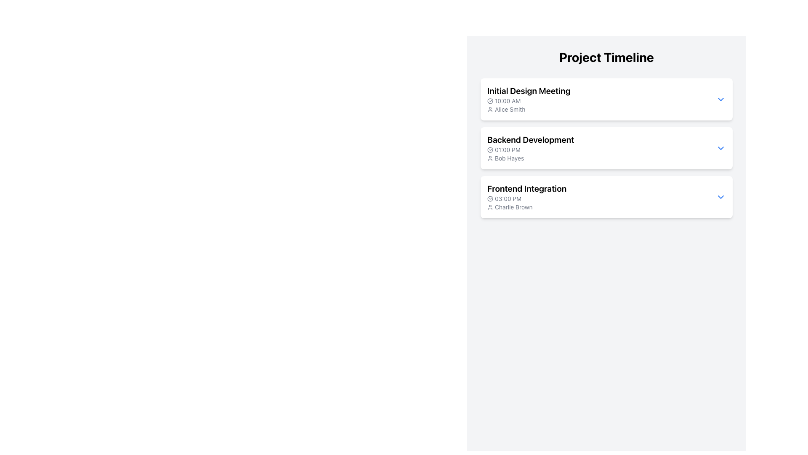  Describe the element at coordinates (606, 147) in the screenshot. I see `the second event card in the Project Timeline, which displays details about an event or meeting slot between the Initial Design Meeting and Frontend Integration sections` at that location.